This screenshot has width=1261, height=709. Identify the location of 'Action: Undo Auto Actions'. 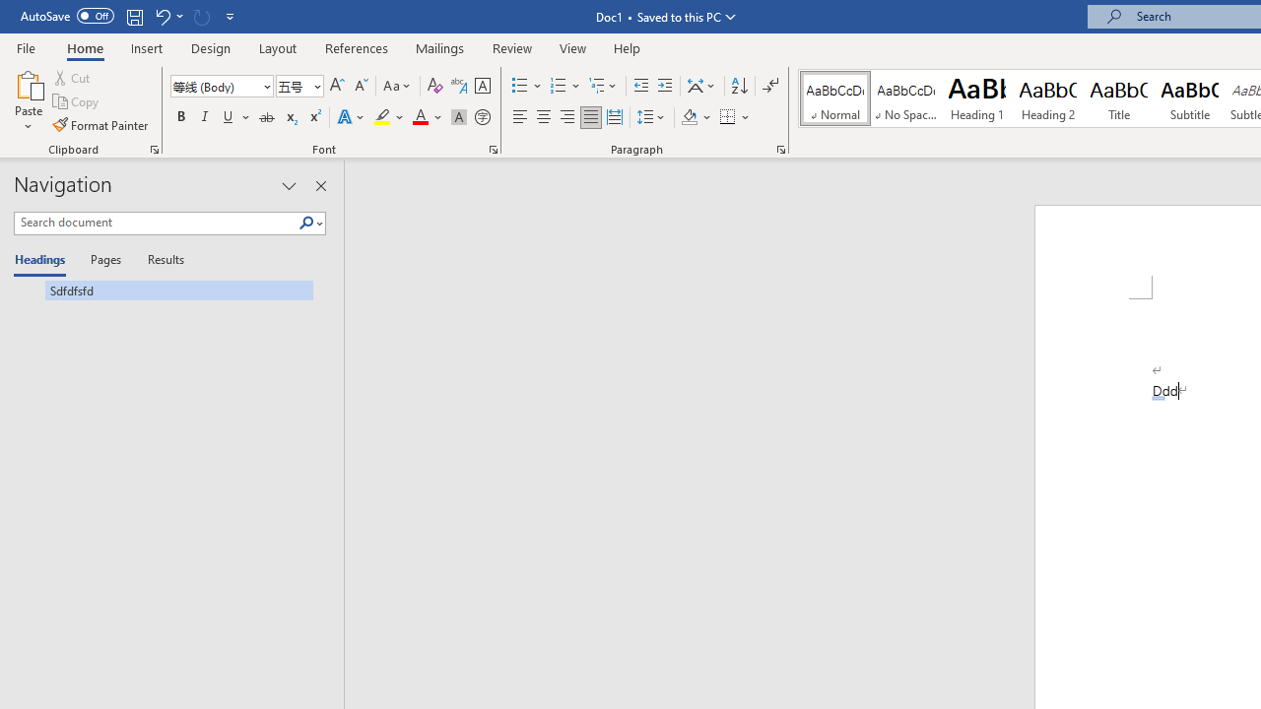
(1158, 398).